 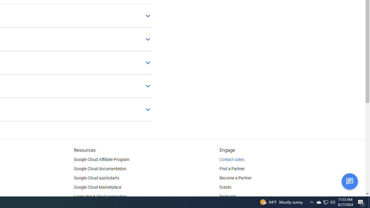 What do you see at coordinates (232, 169) in the screenshot?
I see `'Find a Partner'` at bounding box center [232, 169].